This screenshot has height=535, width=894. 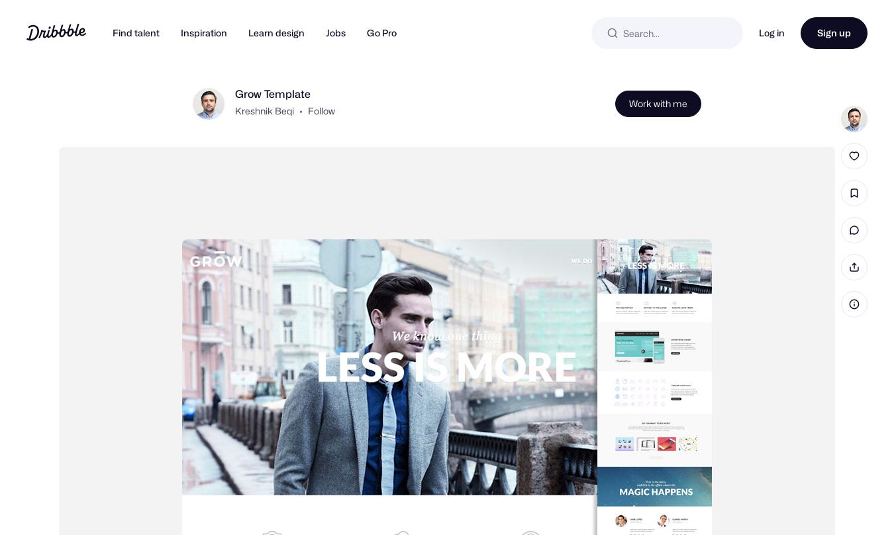 What do you see at coordinates (658, 124) in the screenshot?
I see `'Work with me'` at bounding box center [658, 124].